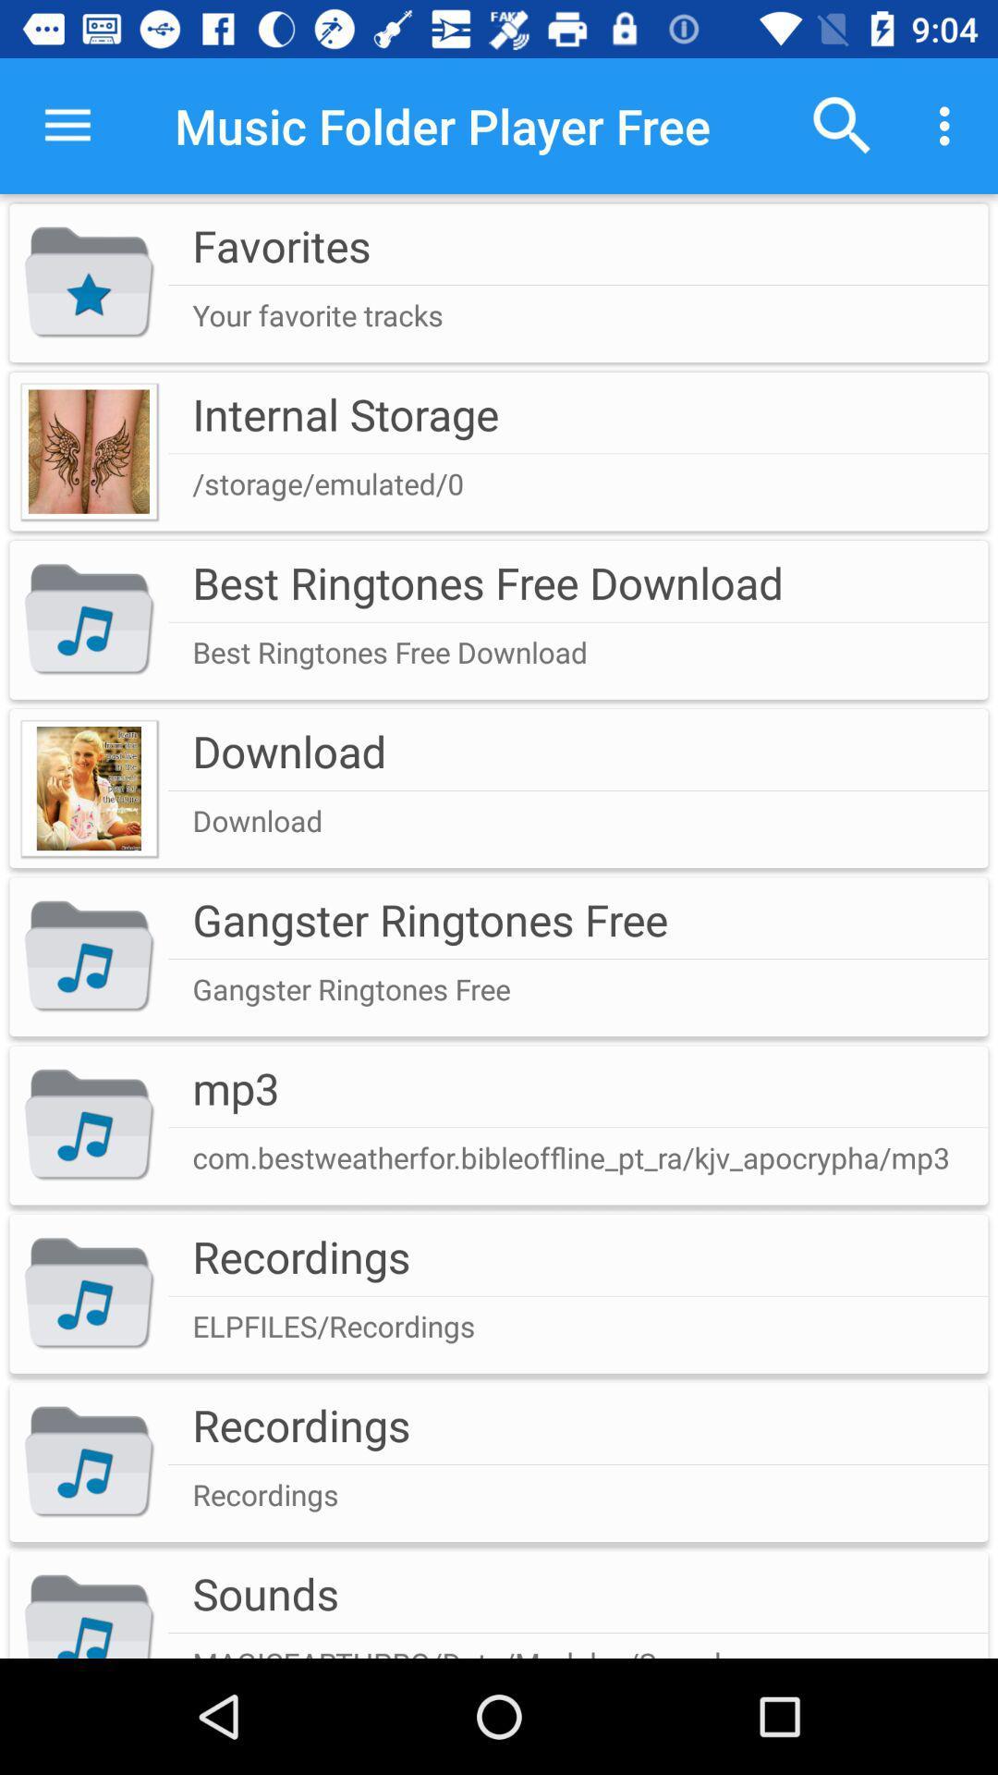 The image size is (998, 1775). I want to click on the icon which is left to text recordings, so click(89, 1462).